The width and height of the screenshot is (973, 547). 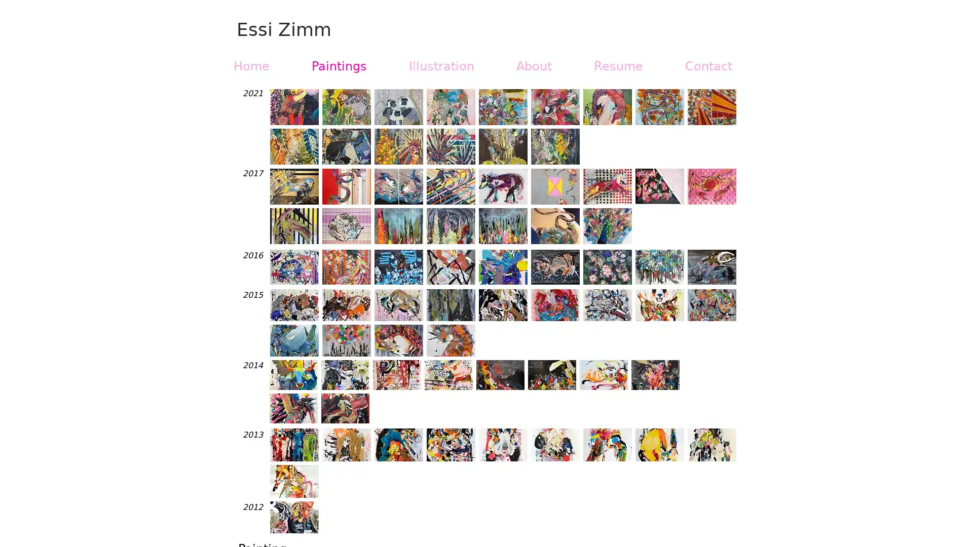 I want to click on previous, so click(x=291, y=214).